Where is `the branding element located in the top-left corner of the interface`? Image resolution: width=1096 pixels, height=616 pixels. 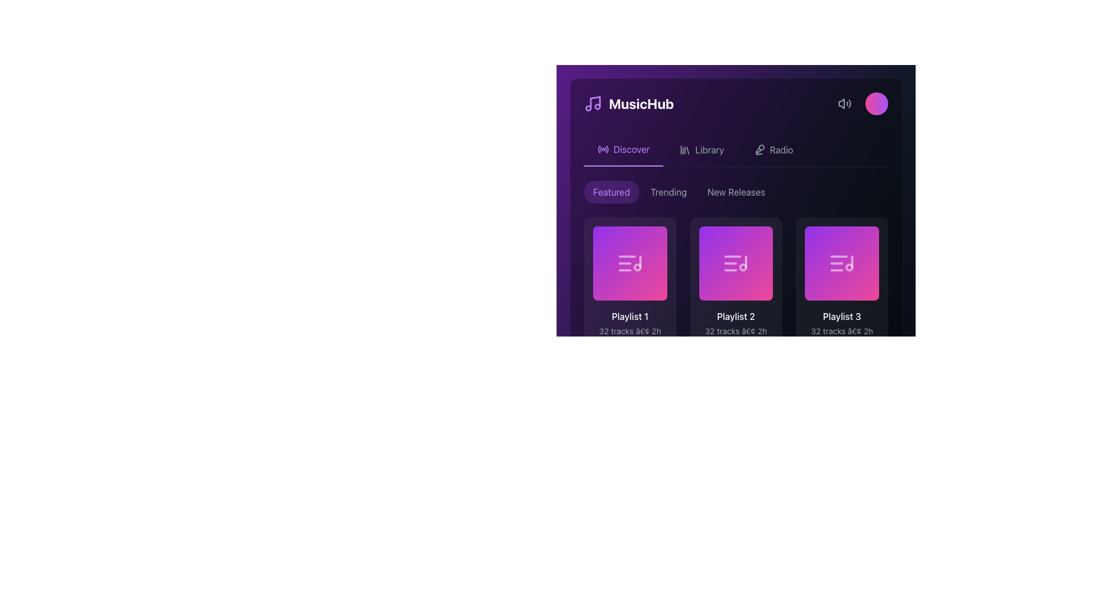
the branding element located in the top-left corner of the interface is located at coordinates (628, 103).